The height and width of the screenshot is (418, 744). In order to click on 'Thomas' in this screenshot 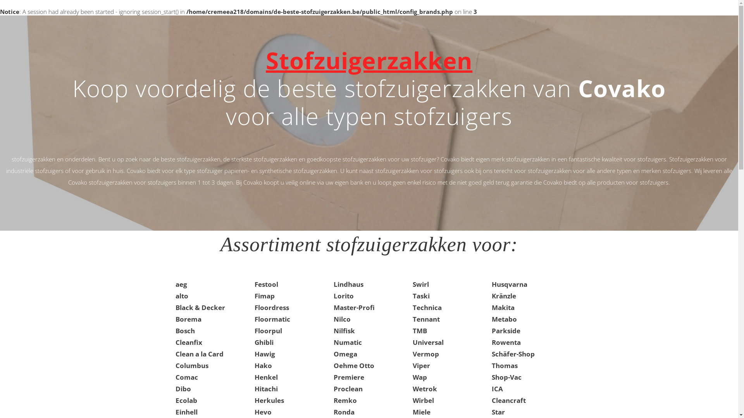, I will do `click(504, 365)`.